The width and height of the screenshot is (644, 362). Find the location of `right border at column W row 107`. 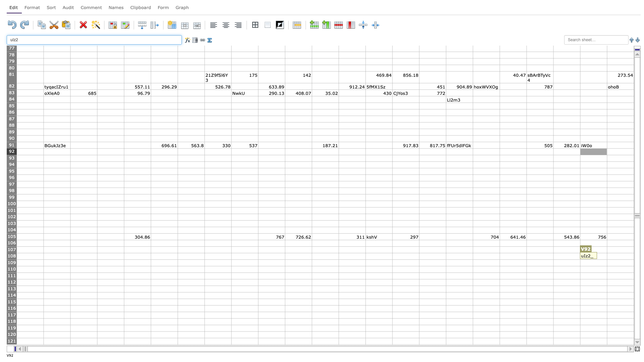

right border at column W row 107 is located at coordinates (634, 250).